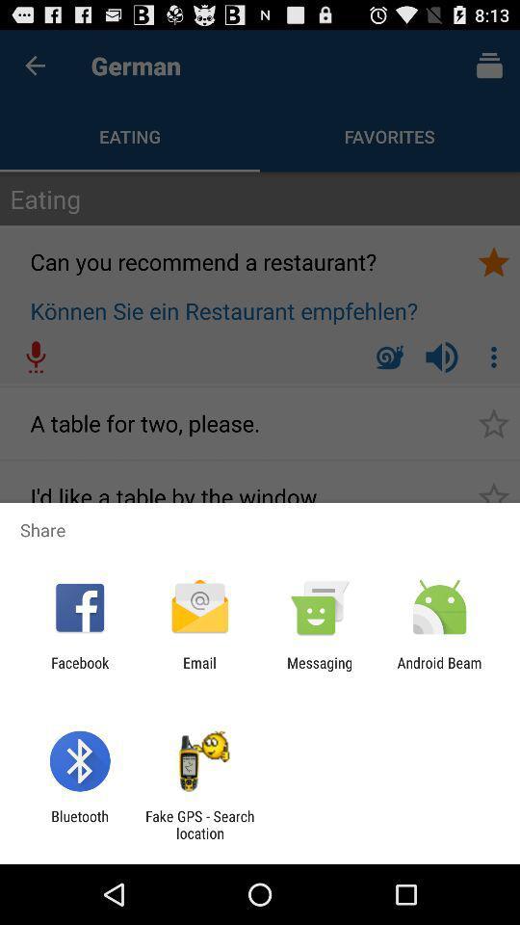 This screenshot has width=520, height=925. Describe the element at coordinates (198, 824) in the screenshot. I see `the item to the right of the bluetooth app` at that location.